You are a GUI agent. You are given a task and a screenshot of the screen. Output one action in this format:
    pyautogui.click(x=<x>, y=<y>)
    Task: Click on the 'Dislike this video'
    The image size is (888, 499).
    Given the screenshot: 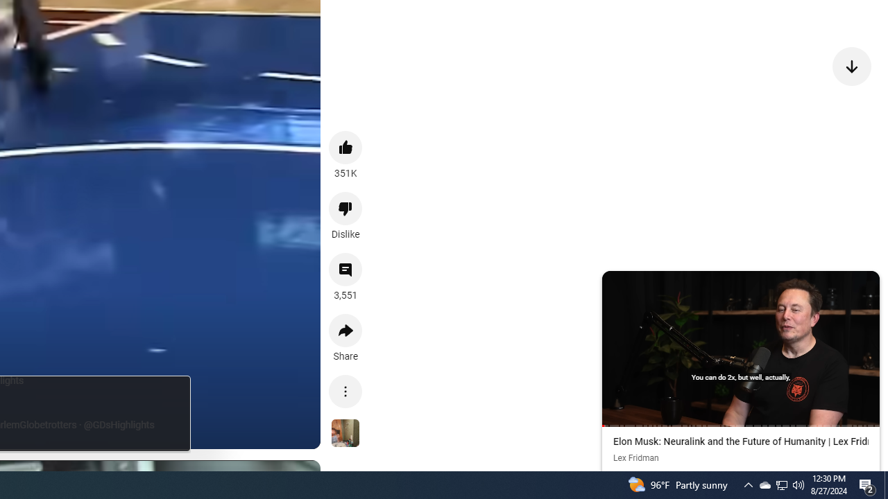 What is the action you would take?
    pyautogui.click(x=345, y=208)
    